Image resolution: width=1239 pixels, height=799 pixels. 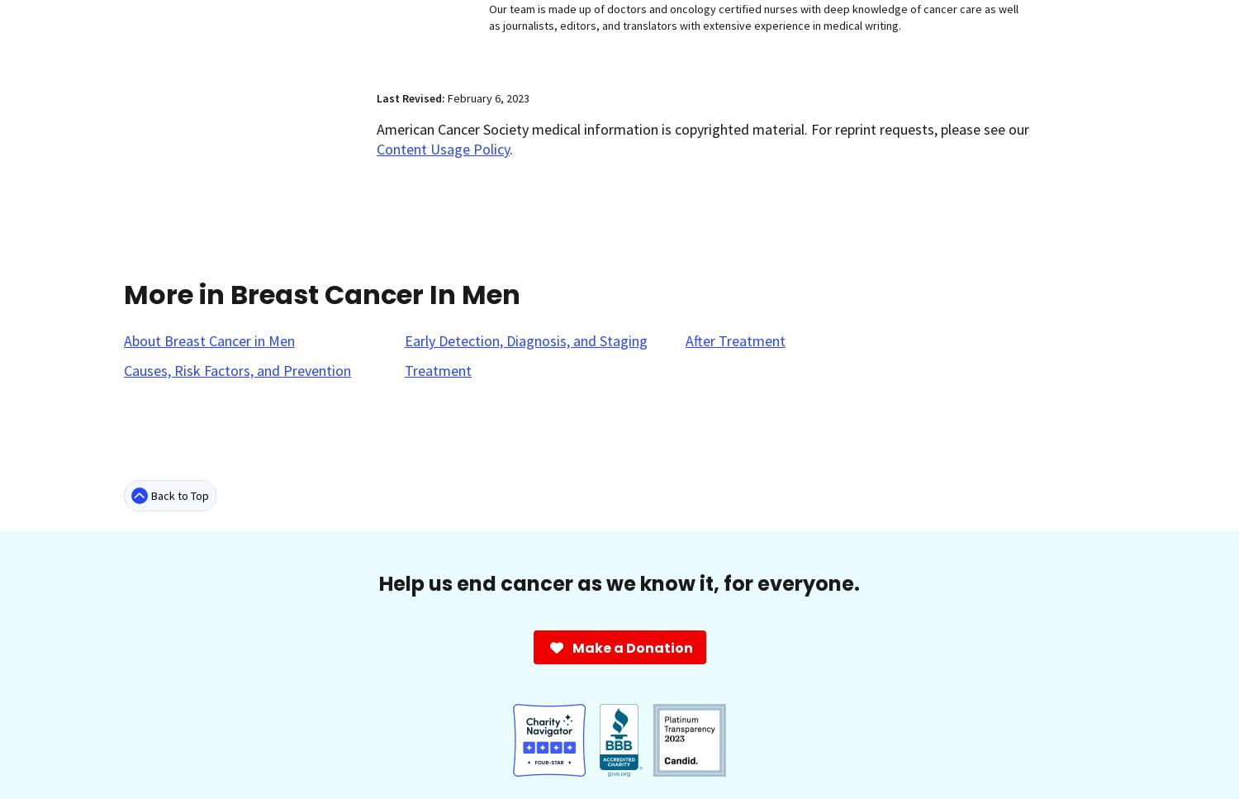 I want to click on 'Back to Top', so click(x=151, y=496).